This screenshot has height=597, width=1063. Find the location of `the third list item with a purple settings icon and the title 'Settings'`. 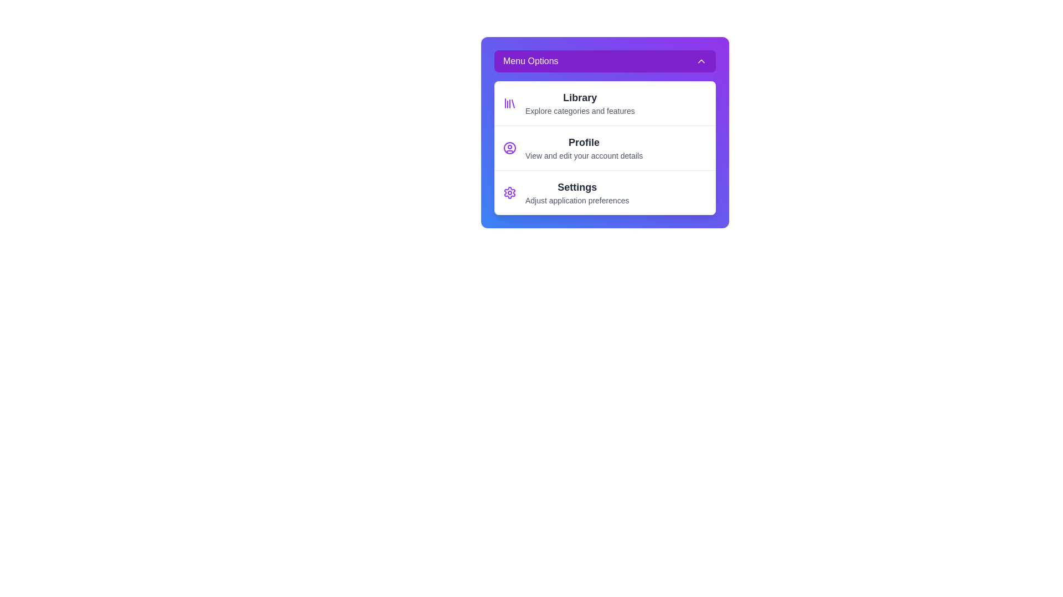

the third list item with a purple settings icon and the title 'Settings' is located at coordinates (605, 192).